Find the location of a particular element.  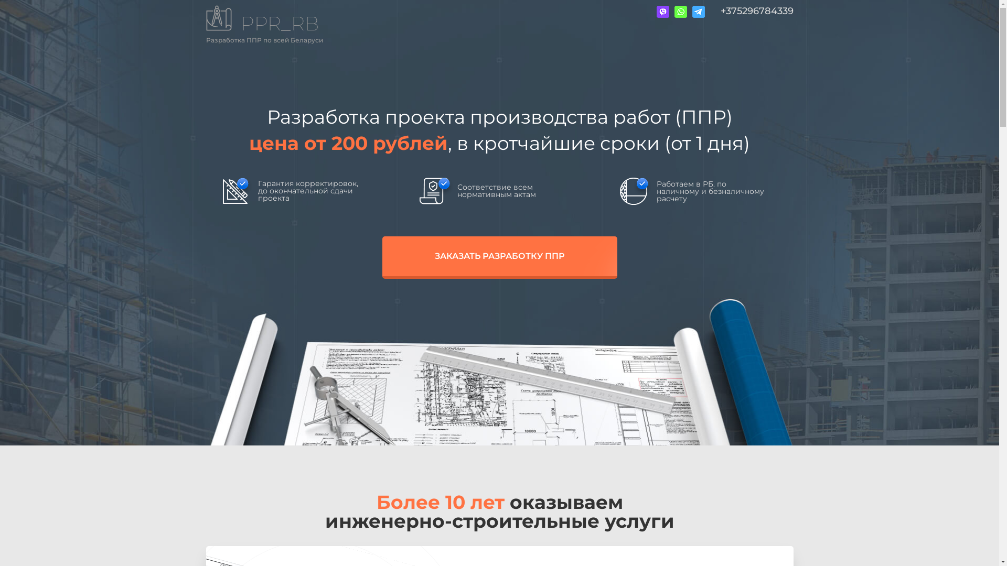

'+375296784339' is located at coordinates (757, 10).